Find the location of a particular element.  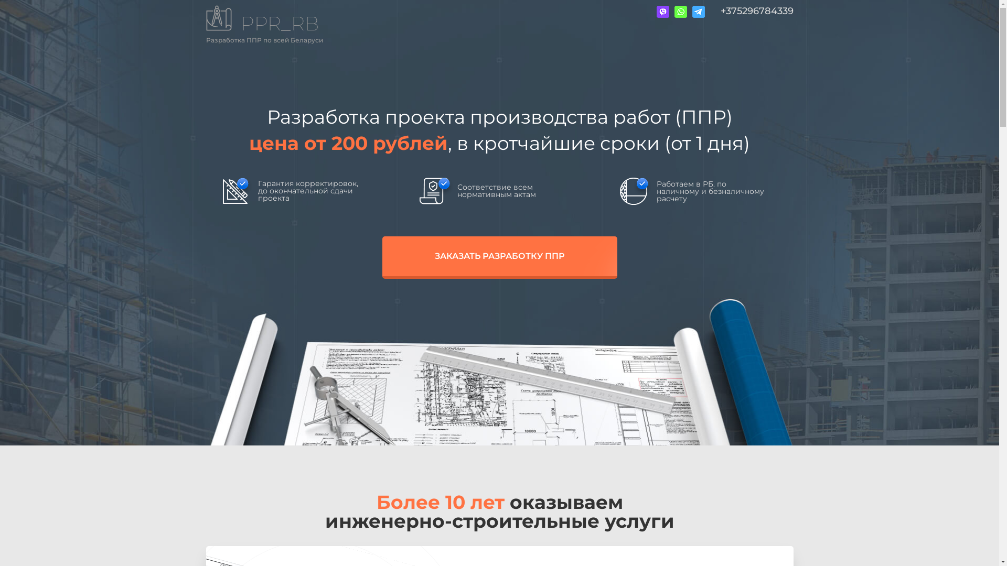

'+375296784339' is located at coordinates (757, 10).